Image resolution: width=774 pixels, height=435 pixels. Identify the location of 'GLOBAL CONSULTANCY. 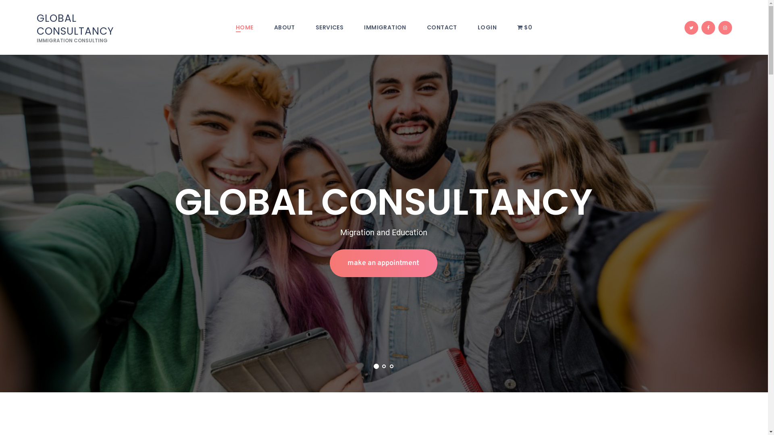
(89, 27).